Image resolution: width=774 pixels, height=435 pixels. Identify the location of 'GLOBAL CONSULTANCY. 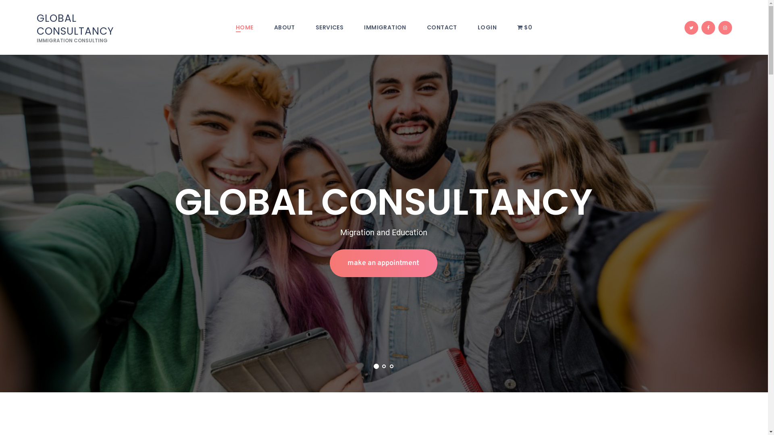
(89, 27).